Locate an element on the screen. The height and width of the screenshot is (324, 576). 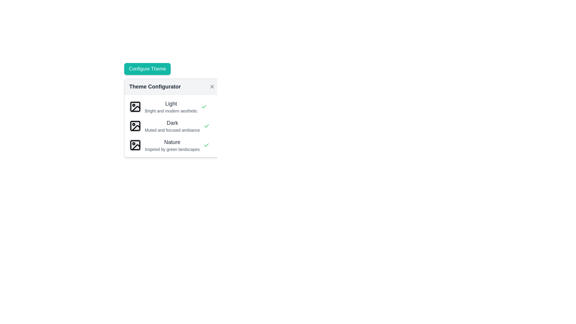
the theme activation icon located to the right of the 'Bright and modern aesthetic' option in the 'Theme Configurator' dialog box under the 'Light' theme category is located at coordinates (204, 106).